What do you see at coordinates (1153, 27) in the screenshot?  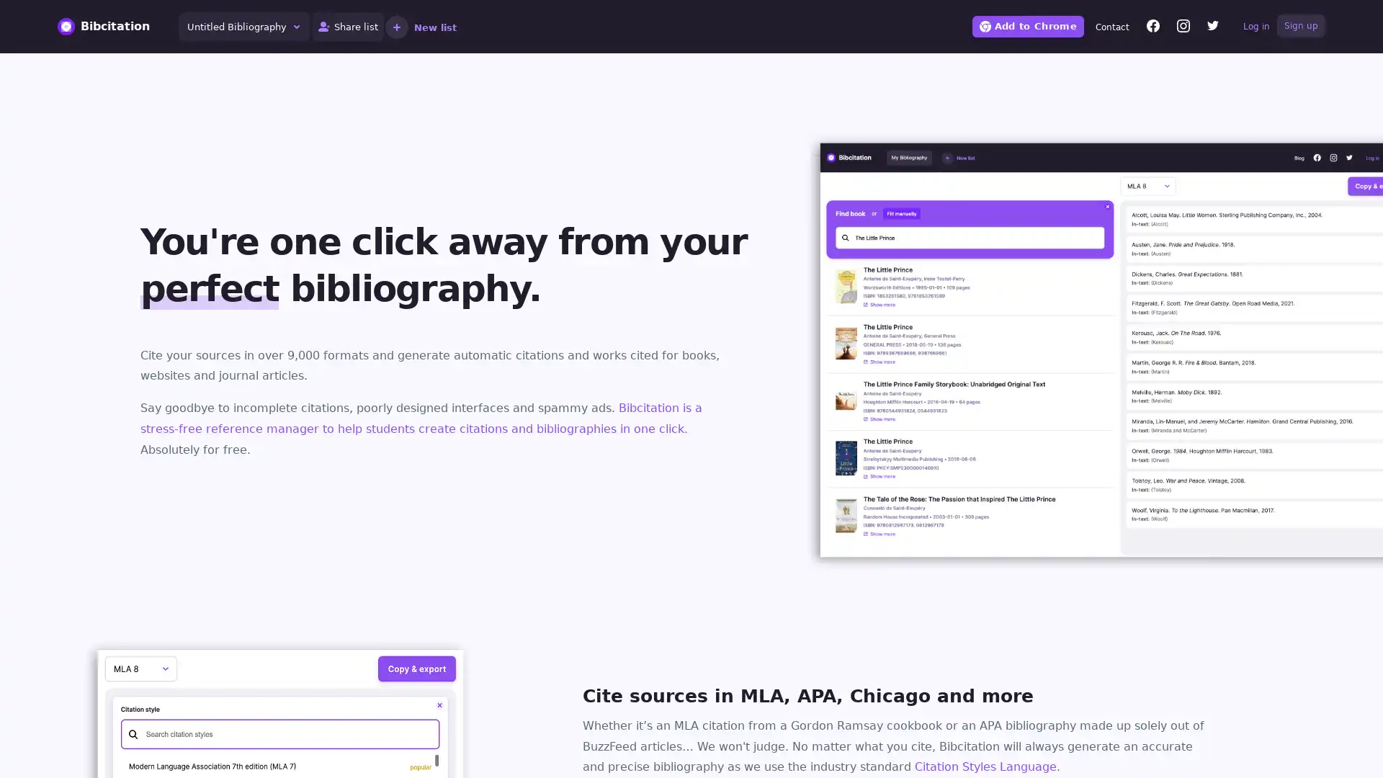 I see `Visit our Facebook` at bounding box center [1153, 27].